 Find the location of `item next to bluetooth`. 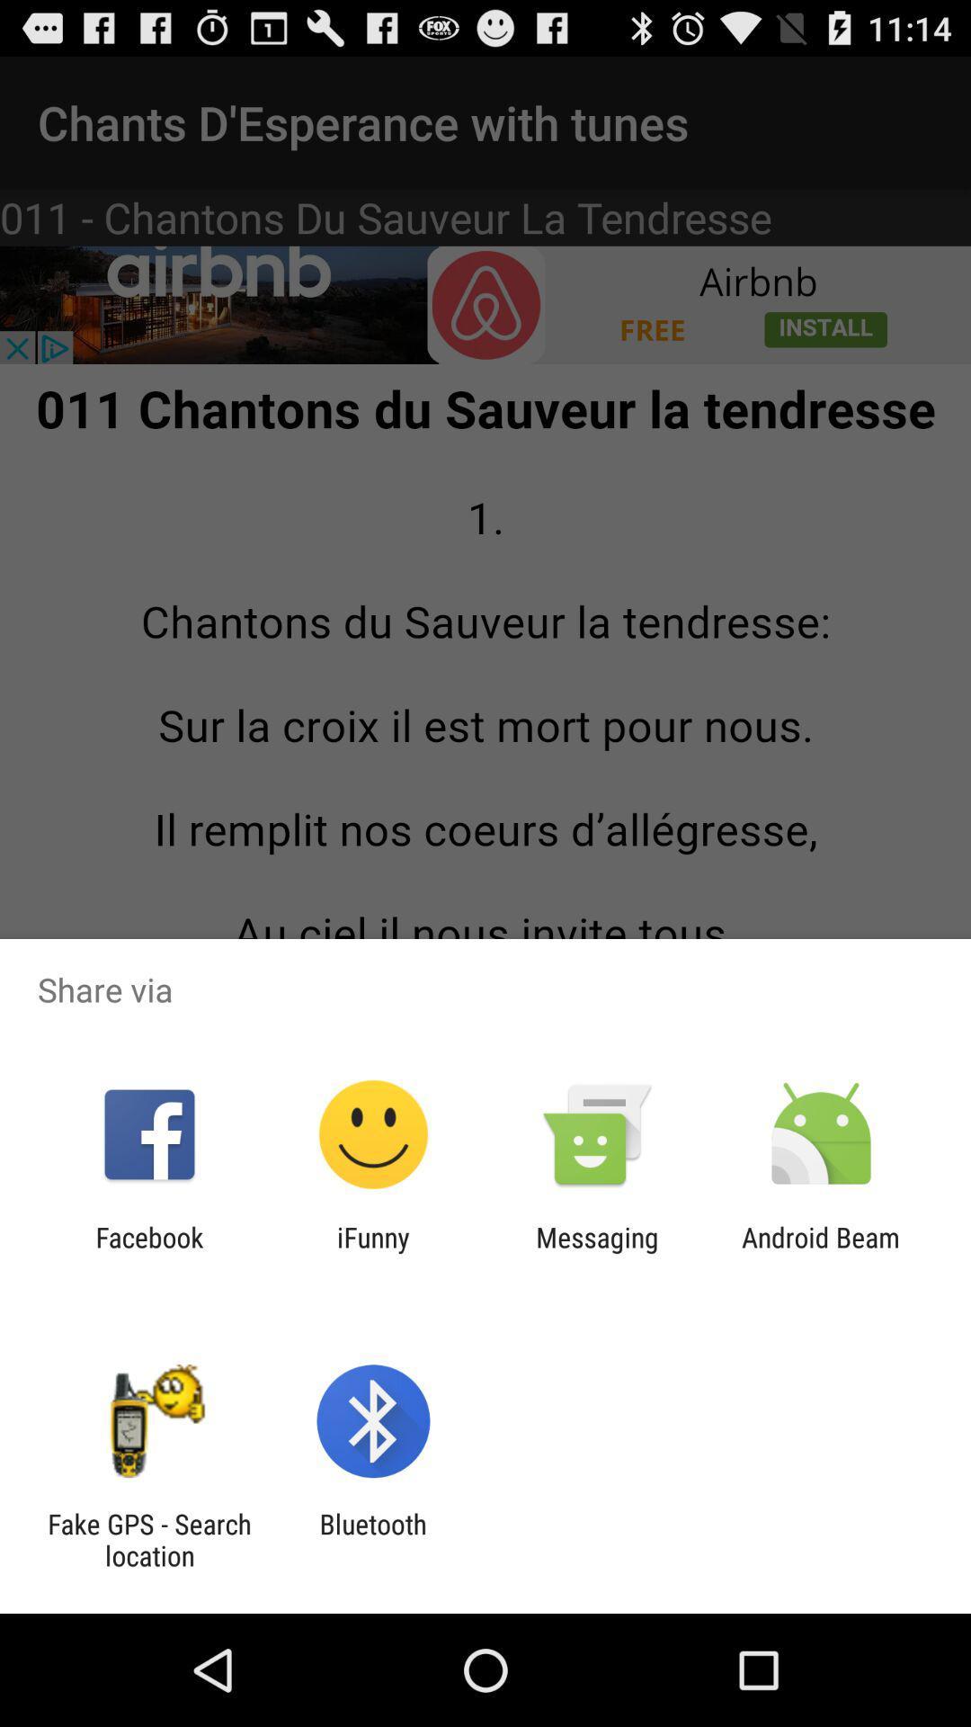

item next to bluetooth is located at coordinates (148, 1539).